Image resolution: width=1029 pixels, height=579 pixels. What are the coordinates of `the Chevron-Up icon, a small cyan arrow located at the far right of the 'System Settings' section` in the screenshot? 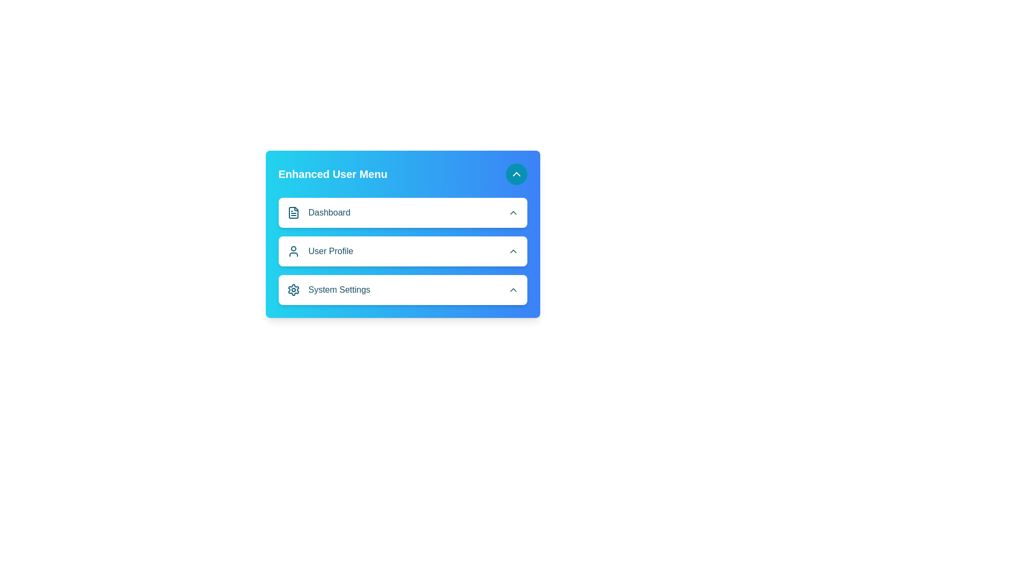 It's located at (512, 289).